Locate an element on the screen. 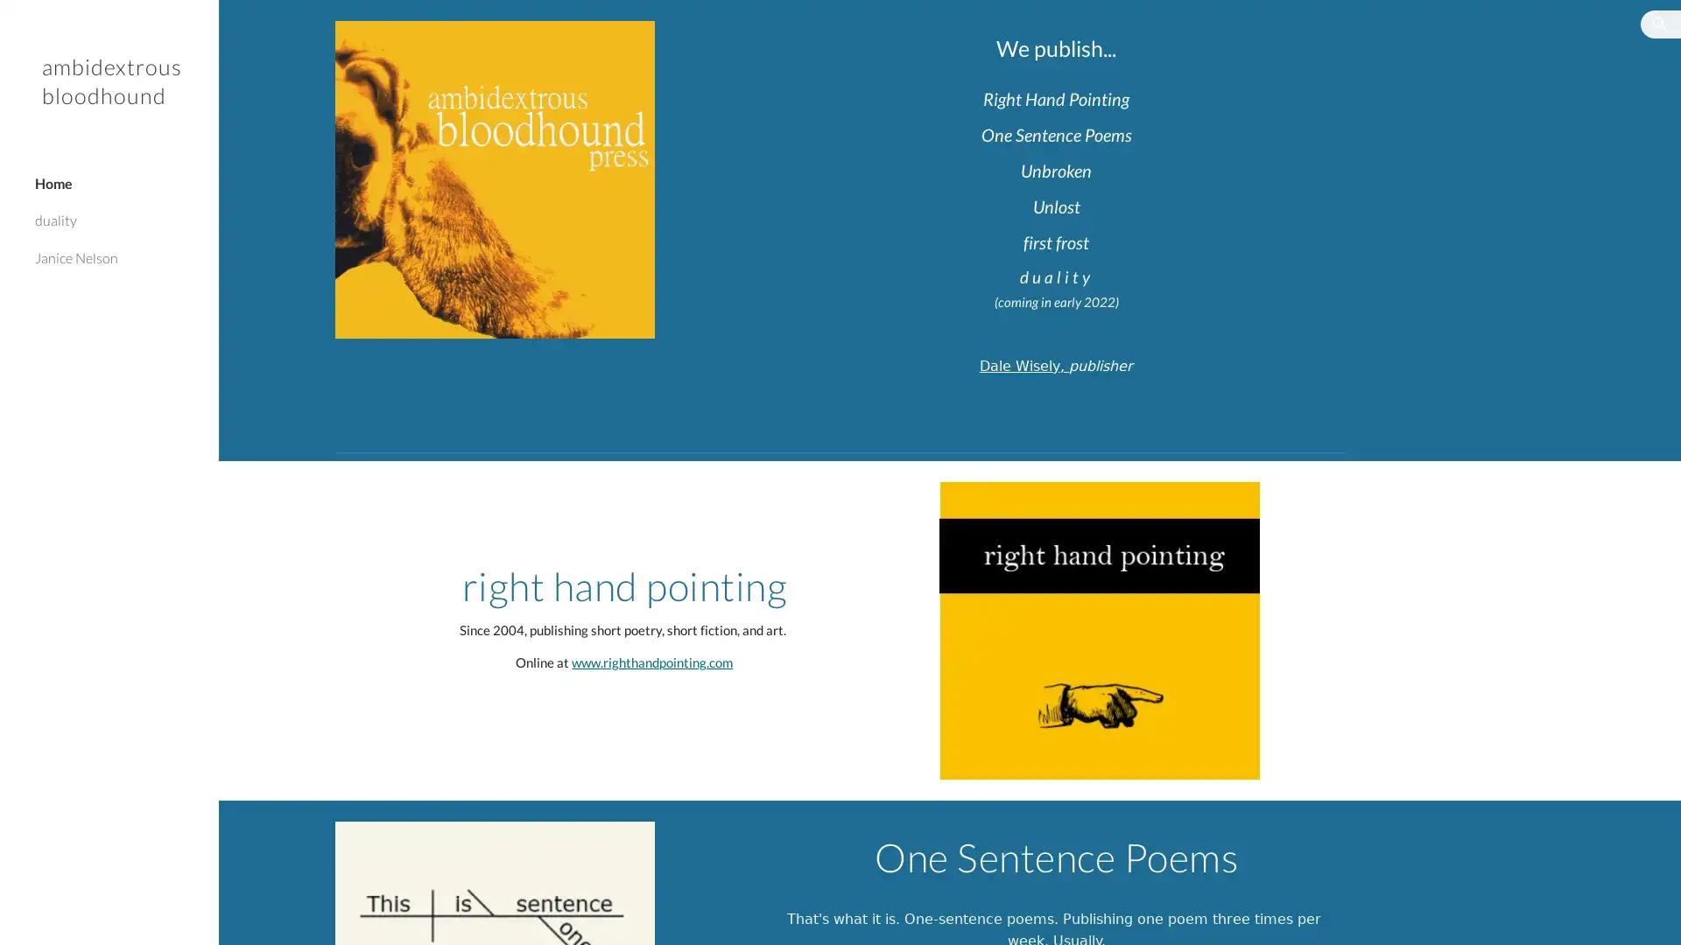 The height and width of the screenshot is (945, 1681). Copy heading link is located at coordinates (1467, 927).